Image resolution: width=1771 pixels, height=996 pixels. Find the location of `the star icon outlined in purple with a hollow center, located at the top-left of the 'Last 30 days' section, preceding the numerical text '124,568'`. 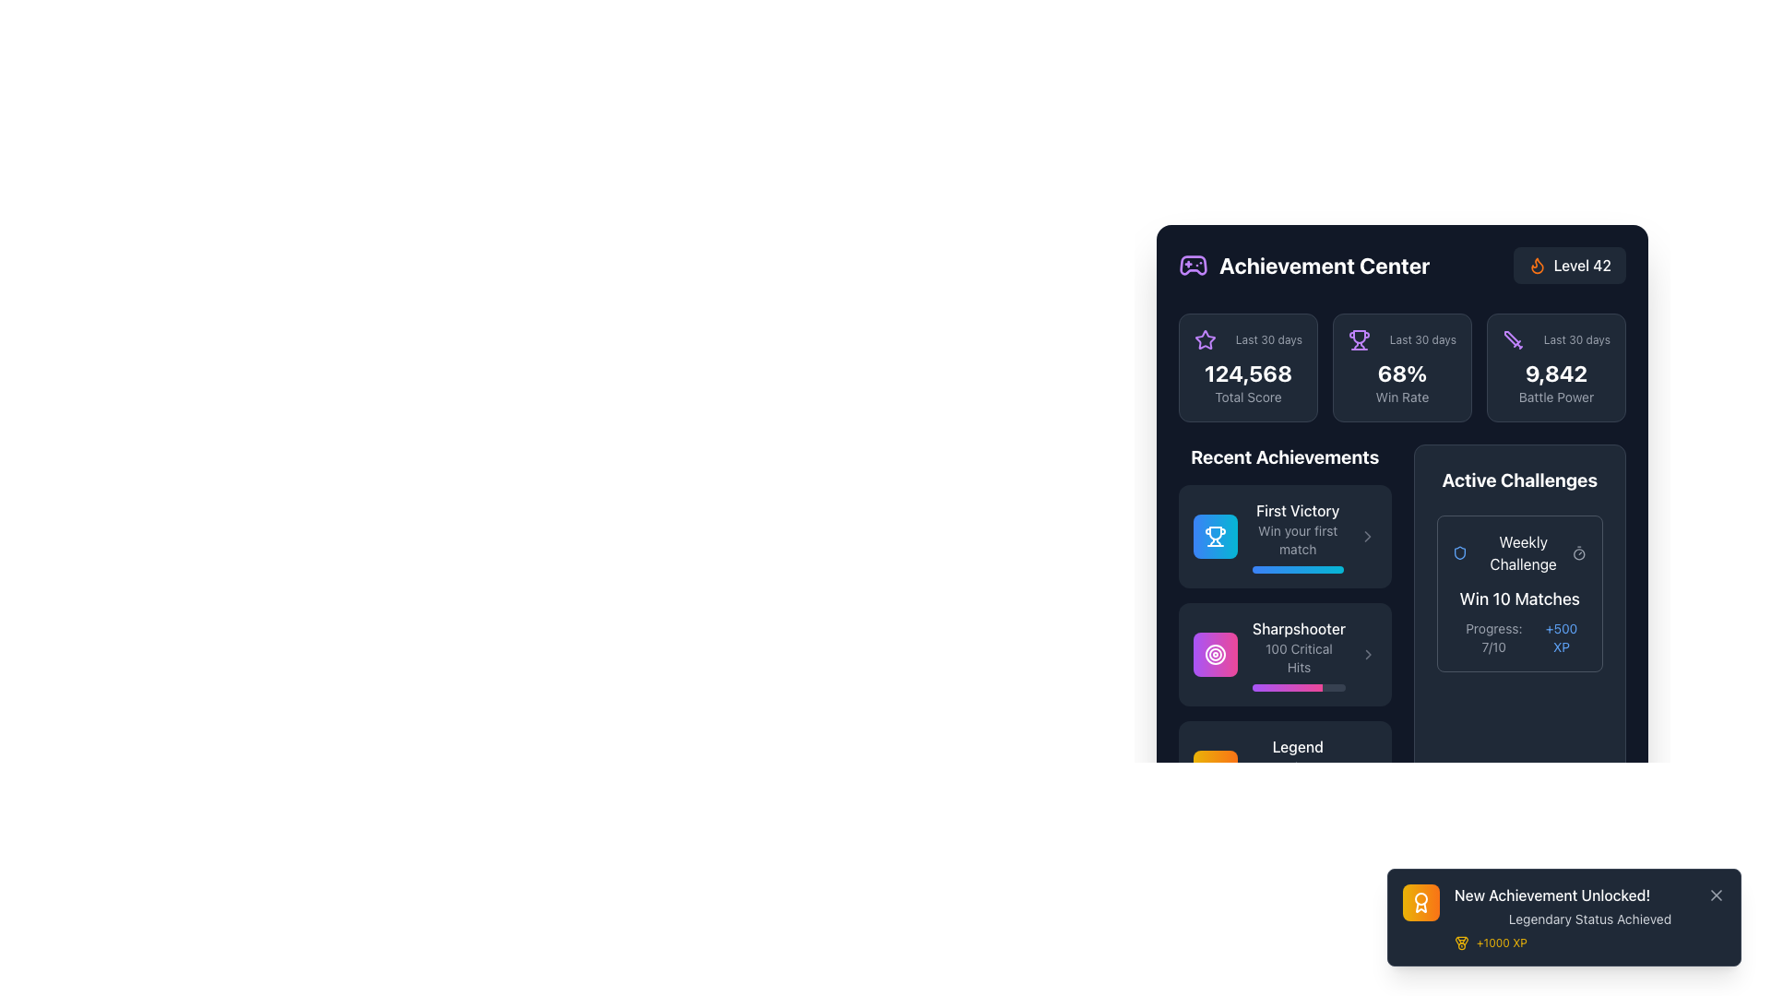

the star icon outlined in purple with a hollow center, located at the top-left of the 'Last 30 days' section, preceding the numerical text '124,568' is located at coordinates (1205, 340).